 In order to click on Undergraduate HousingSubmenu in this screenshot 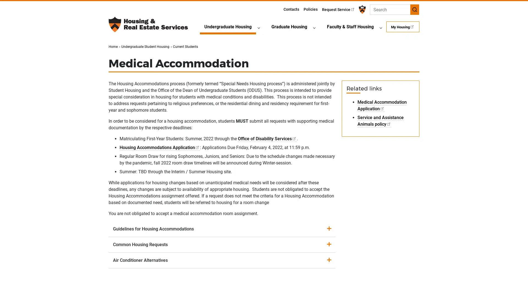, I will do `click(258, 28)`.